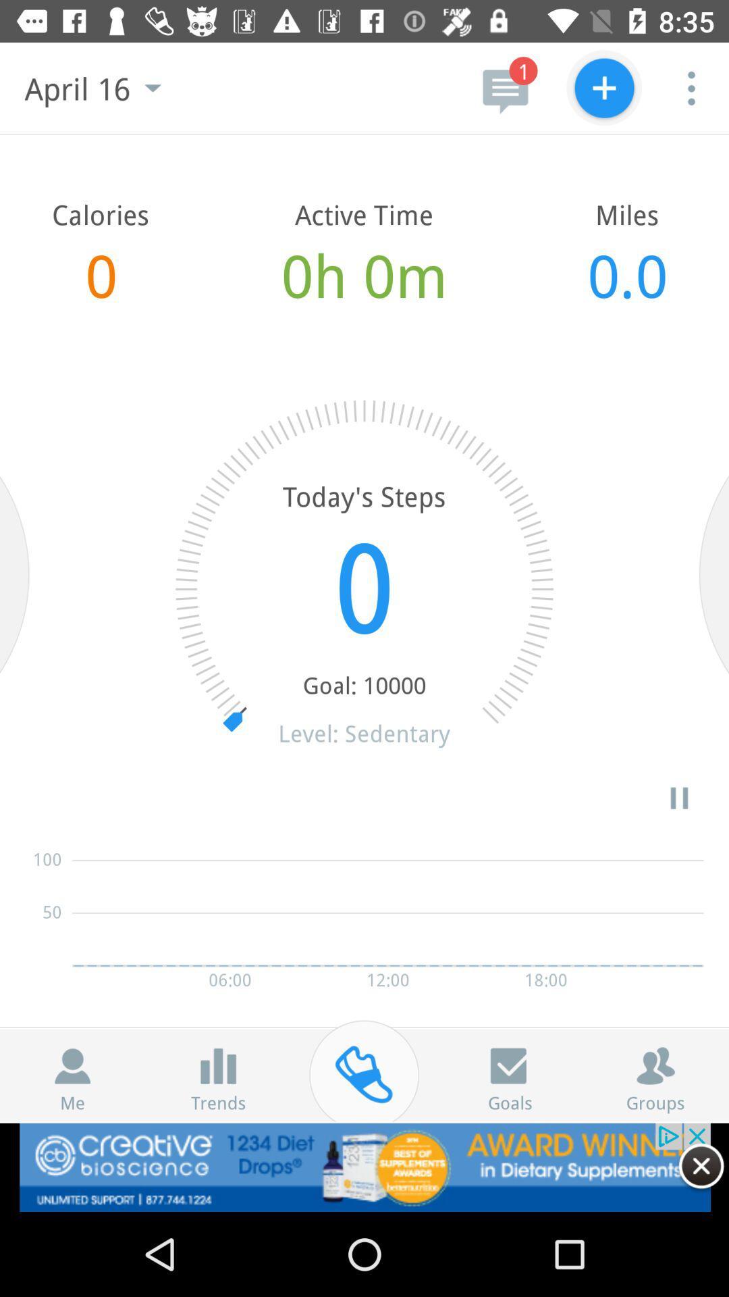 Image resolution: width=729 pixels, height=1297 pixels. Describe the element at coordinates (679, 798) in the screenshot. I see `the pause icon` at that location.